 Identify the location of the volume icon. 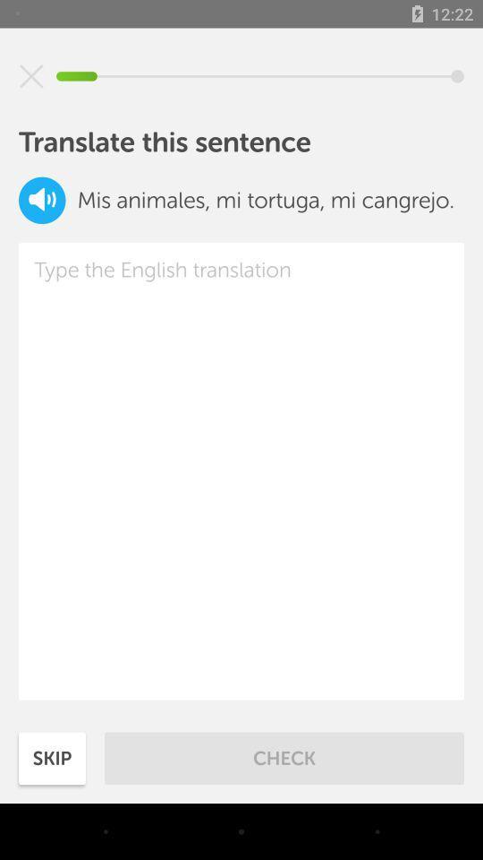
(42, 200).